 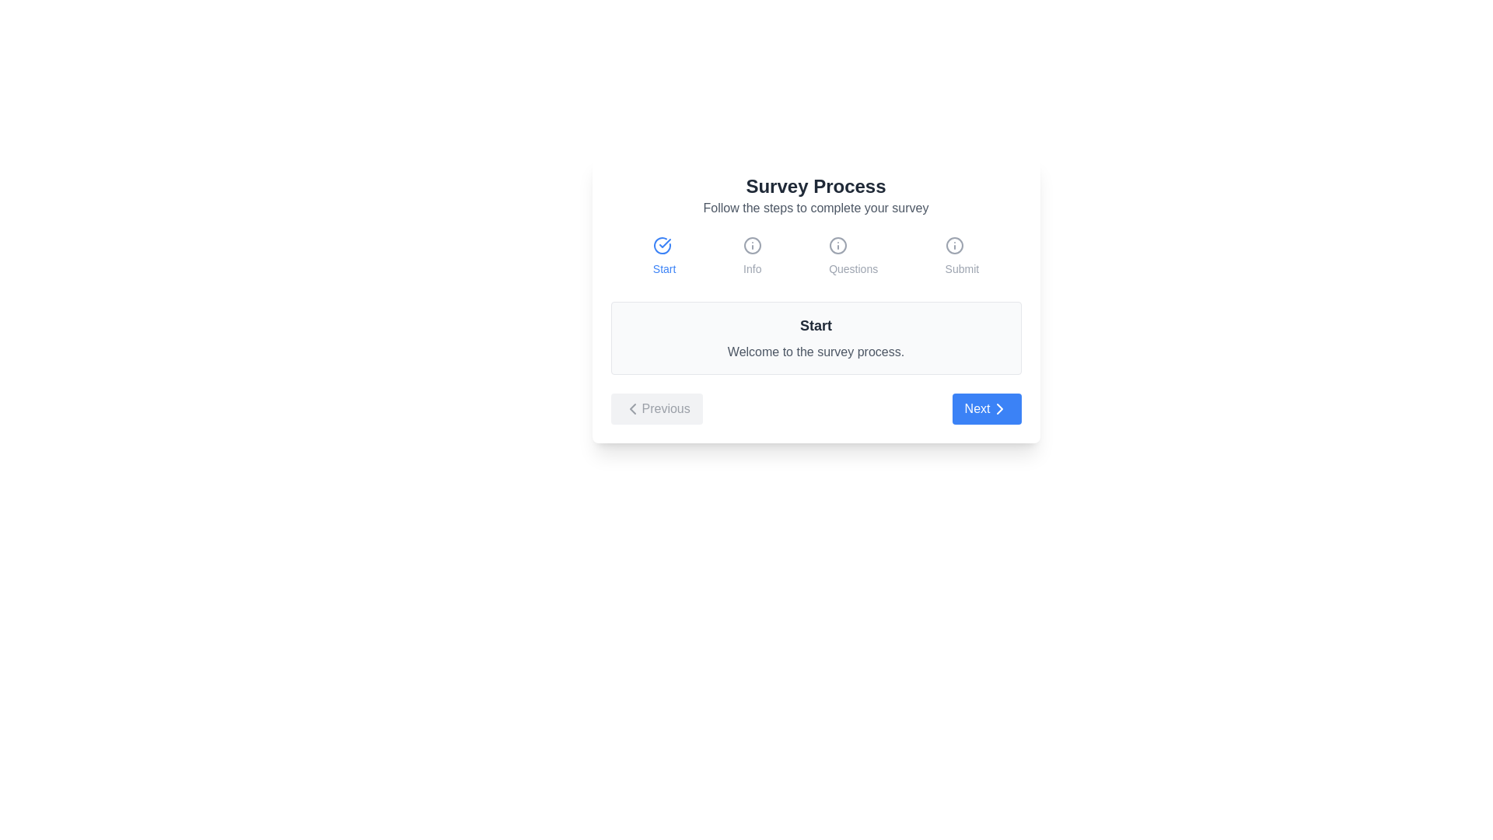 What do you see at coordinates (999, 408) in the screenshot?
I see `the right-pointing chevron icon located to the right of the 'Next' button in the survey navigation interface` at bounding box center [999, 408].